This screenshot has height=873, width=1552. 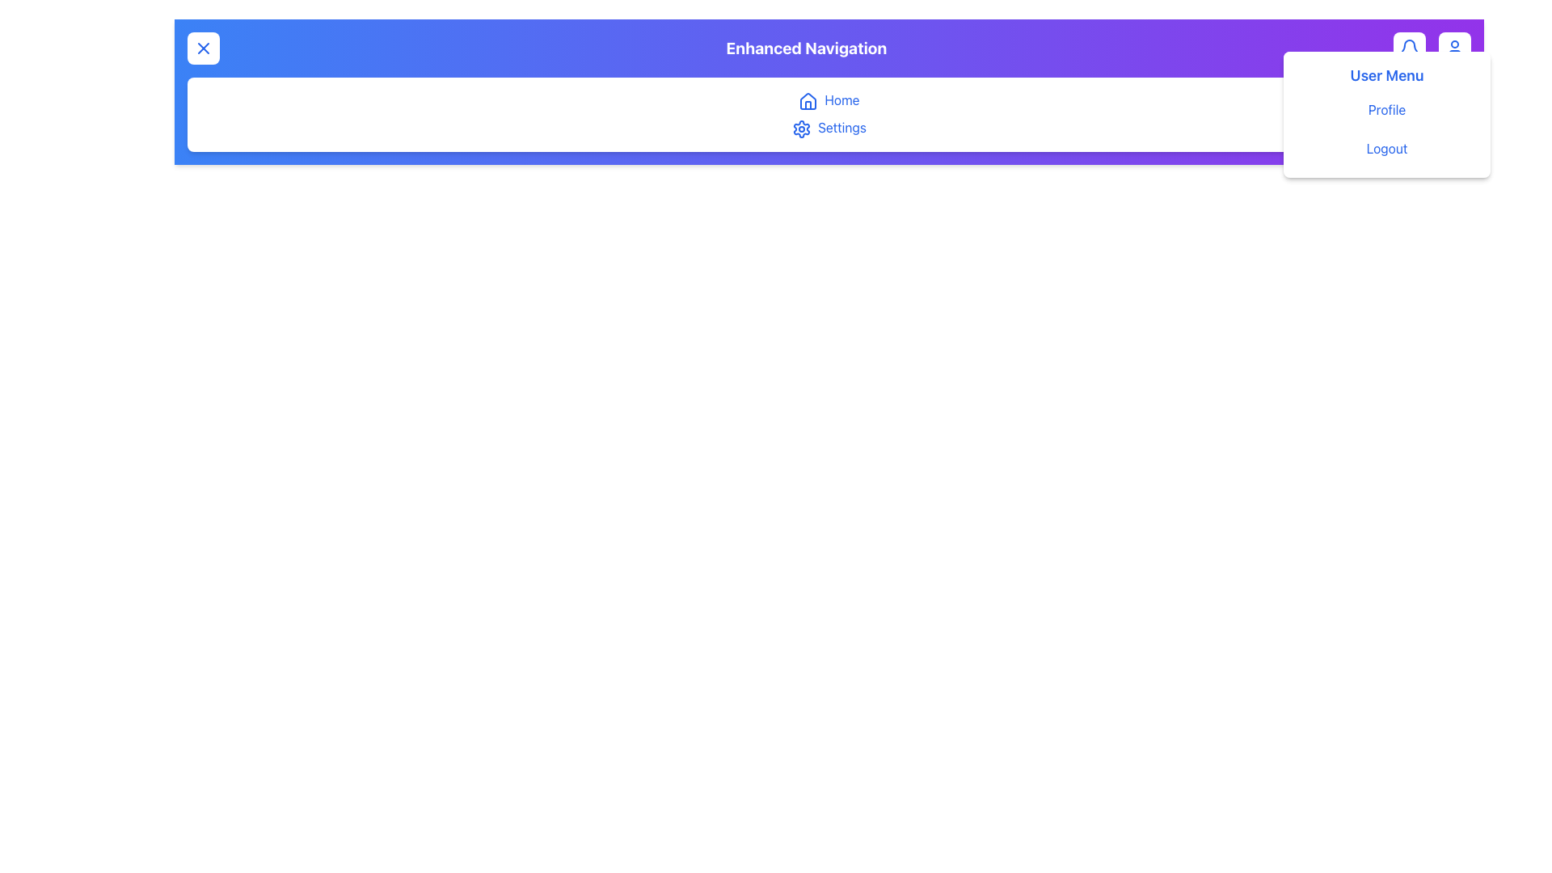 What do you see at coordinates (829, 113) in the screenshot?
I see `the 'Settings' label in the Navigation Menu, which is a vertically stacked list containing a gear icon and the text 'Settings', styled with a blue outline and underlined on hover` at bounding box center [829, 113].